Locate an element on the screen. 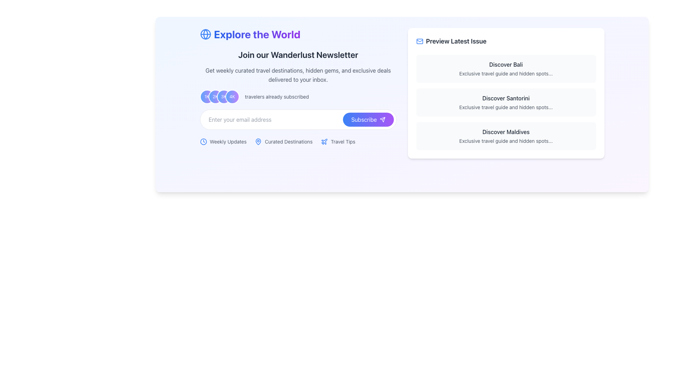 Image resolution: width=674 pixels, height=379 pixels. the Text Label that provides travel guidance or tips, located to the left of the 'Preview Latest Issue' panel, following 'Weekly Updates' and 'Curated Destinations', and adjacent to an airplane icon is located at coordinates (343, 142).